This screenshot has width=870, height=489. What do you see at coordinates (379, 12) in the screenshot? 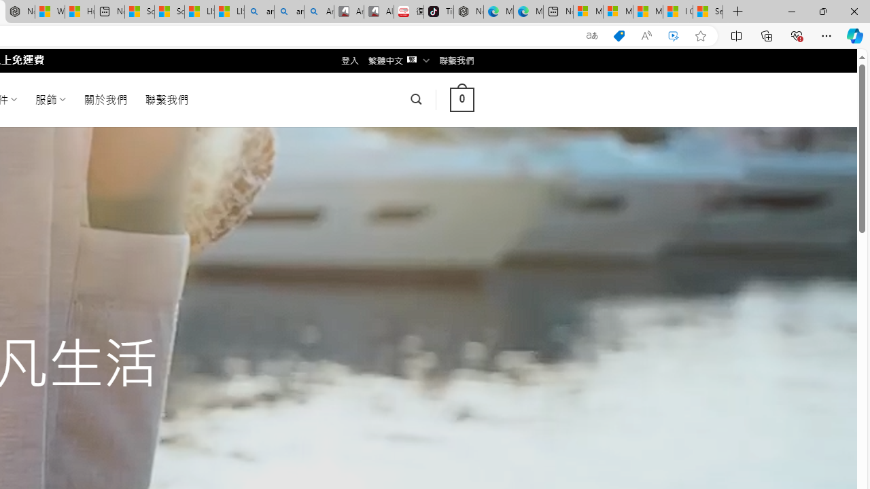
I see `'All Cubot phones'` at bounding box center [379, 12].